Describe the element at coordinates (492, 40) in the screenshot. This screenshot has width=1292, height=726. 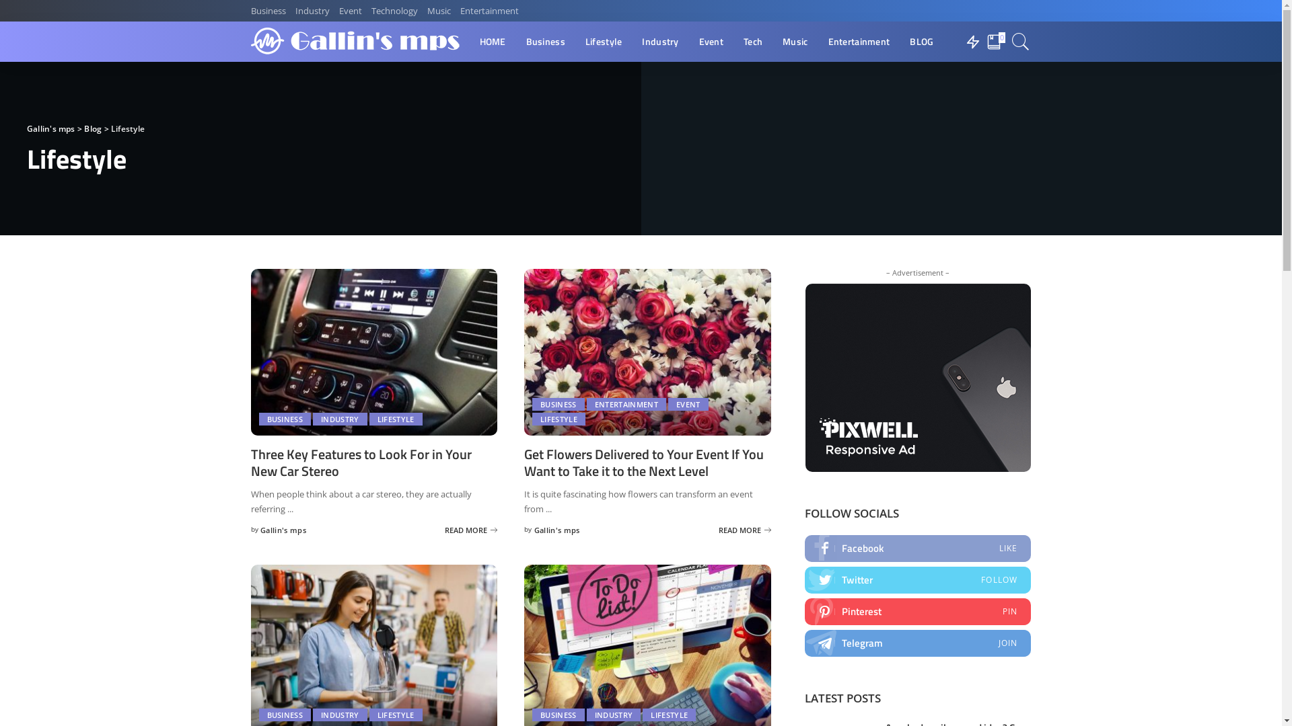
I see `'HOME'` at that location.